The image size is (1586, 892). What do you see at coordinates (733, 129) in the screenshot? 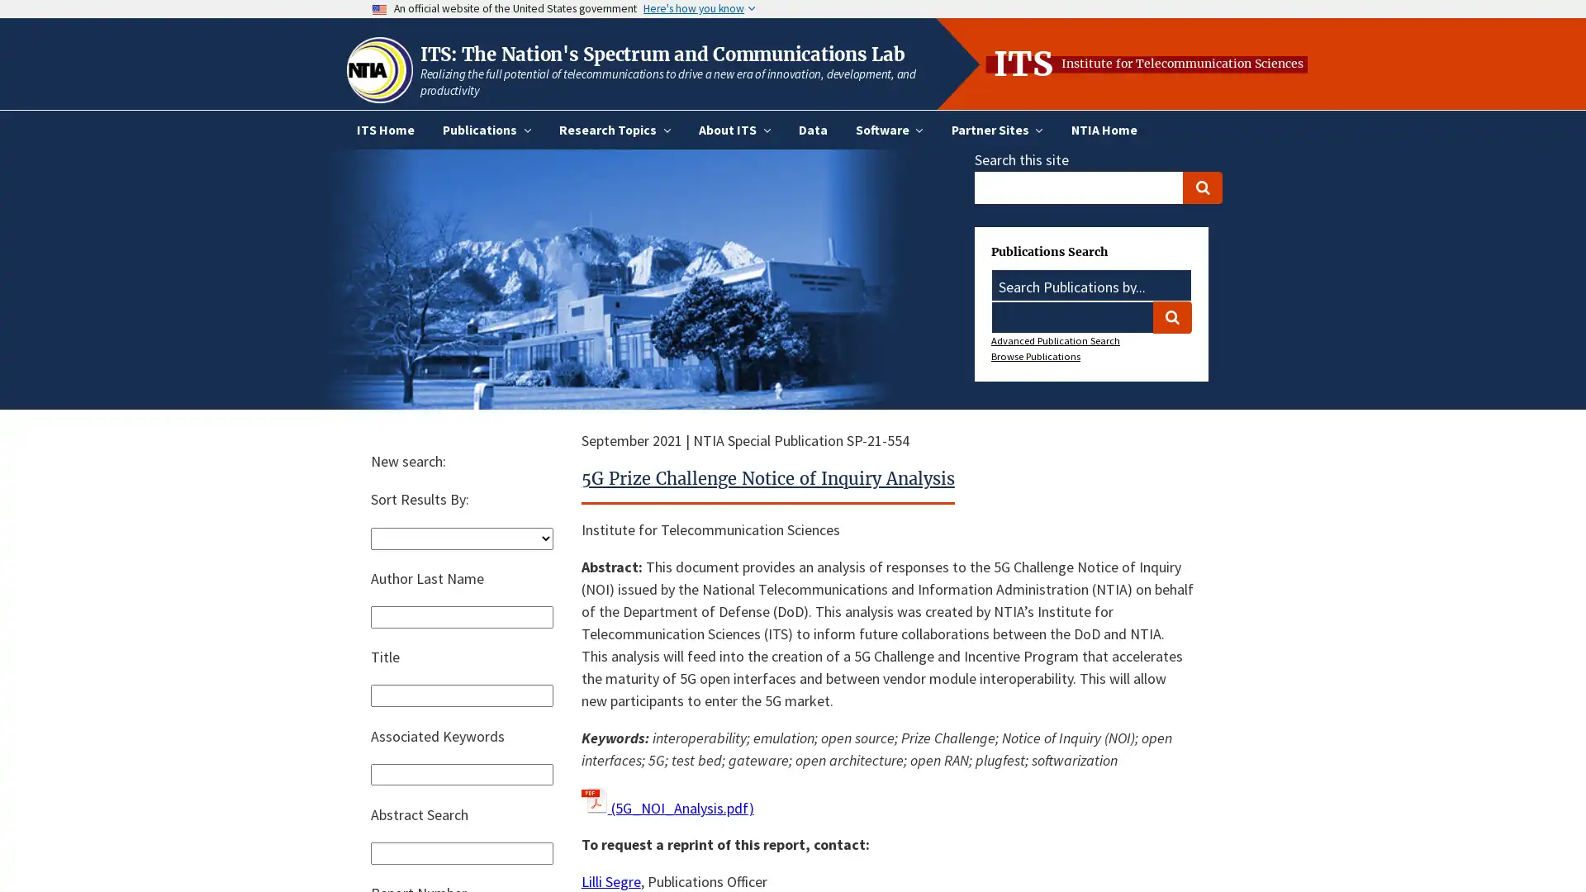
I see `About ITS` at bounding box center [733, 129].